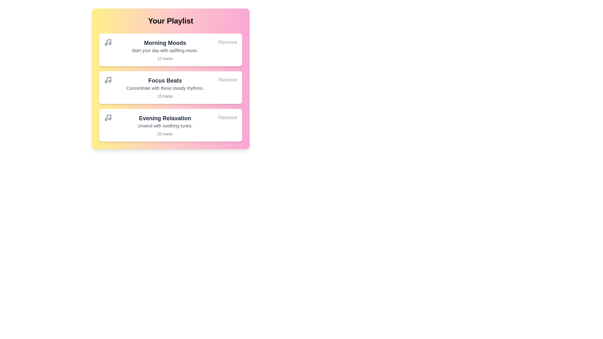 The height and width of the screenshot is (339, 603). Describe the element at coordinates (227, 79) in the screenshot. I see `'Remove' button for the playlist 'Focus Beats'` at that location.